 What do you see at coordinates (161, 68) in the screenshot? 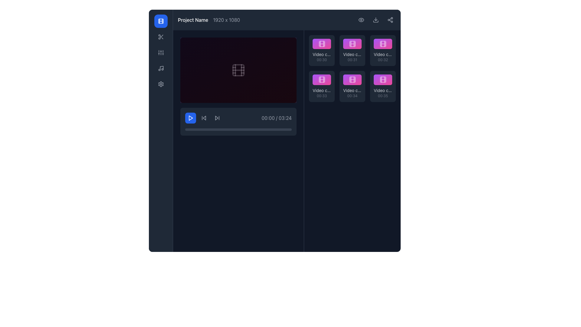
I see `the music-related button located as the fourth icon in the vertical list on the left sidebar of the application, positioned between the sliders icon above and the settings icon below` at bounding box center [161, 68].